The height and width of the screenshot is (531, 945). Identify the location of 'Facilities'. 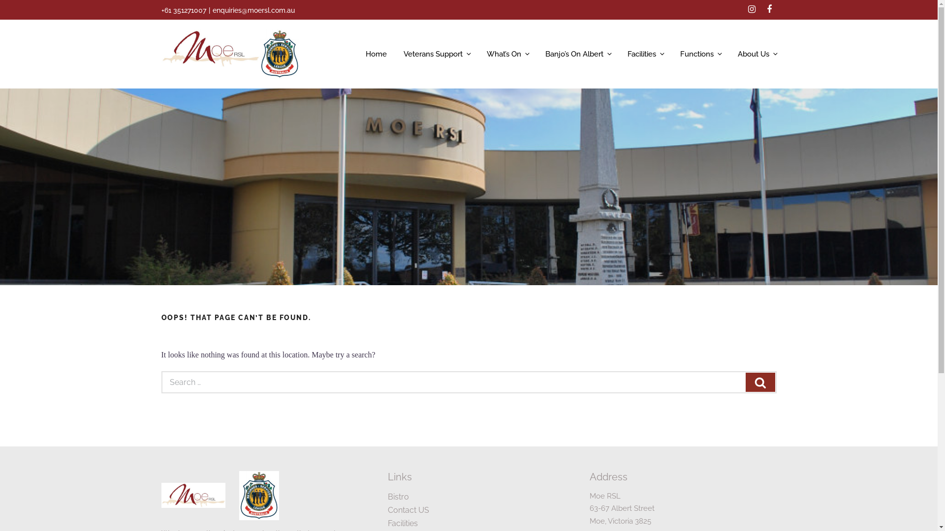
(645, 54).